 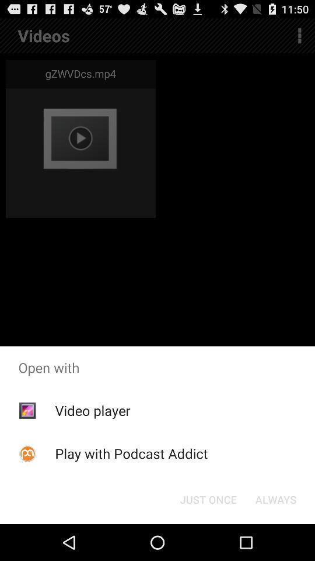 What do you see at coordinates (275, 498) in the screenshot?
I see `the always item` at bounding box center [275, 498].